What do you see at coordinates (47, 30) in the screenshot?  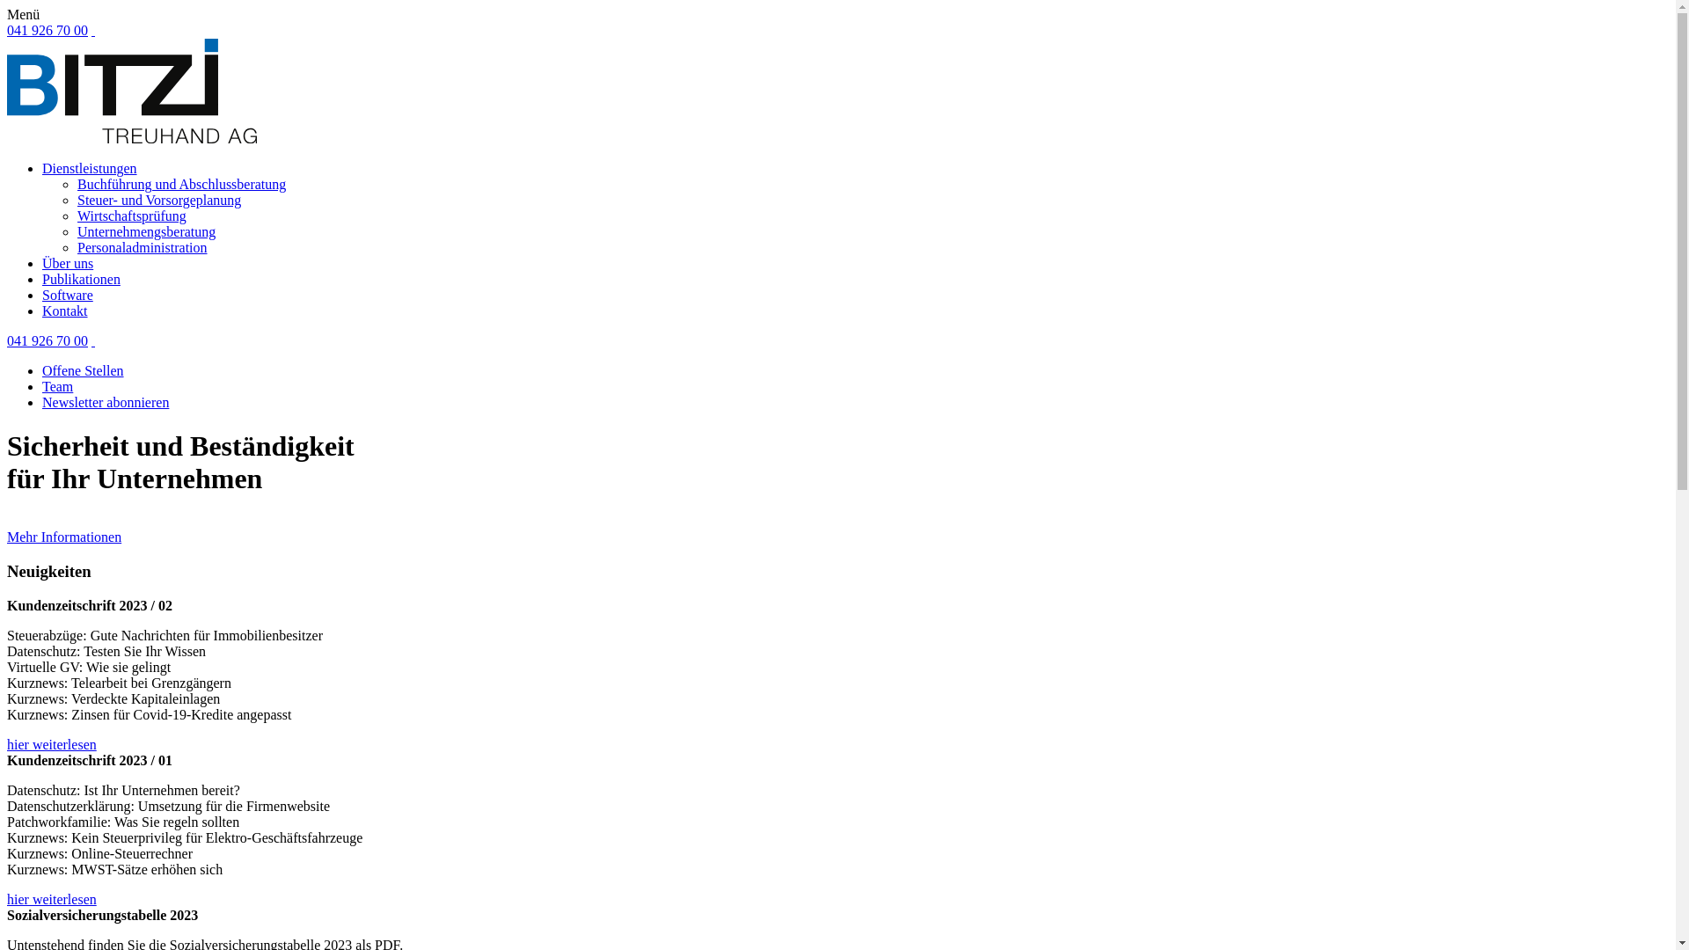 I see `'041 926 70 00'` at bounding box center [47, 30].